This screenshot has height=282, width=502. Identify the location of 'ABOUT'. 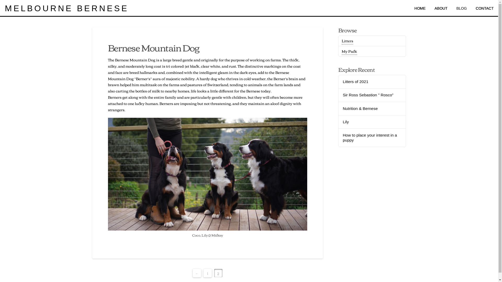
(441, 8).